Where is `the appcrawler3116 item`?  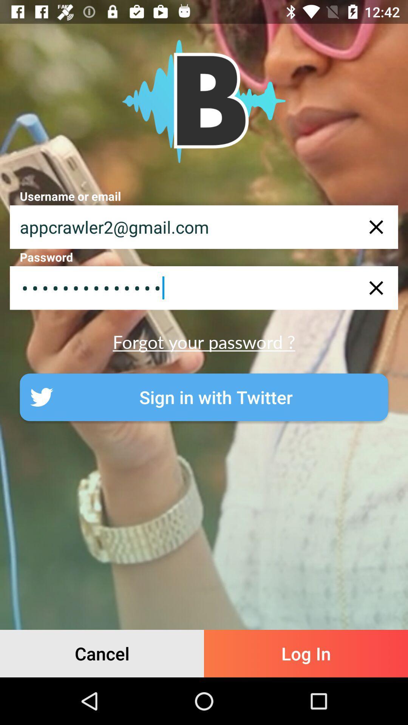 the appcrawler3116 item is located at coordinates (204, 287).